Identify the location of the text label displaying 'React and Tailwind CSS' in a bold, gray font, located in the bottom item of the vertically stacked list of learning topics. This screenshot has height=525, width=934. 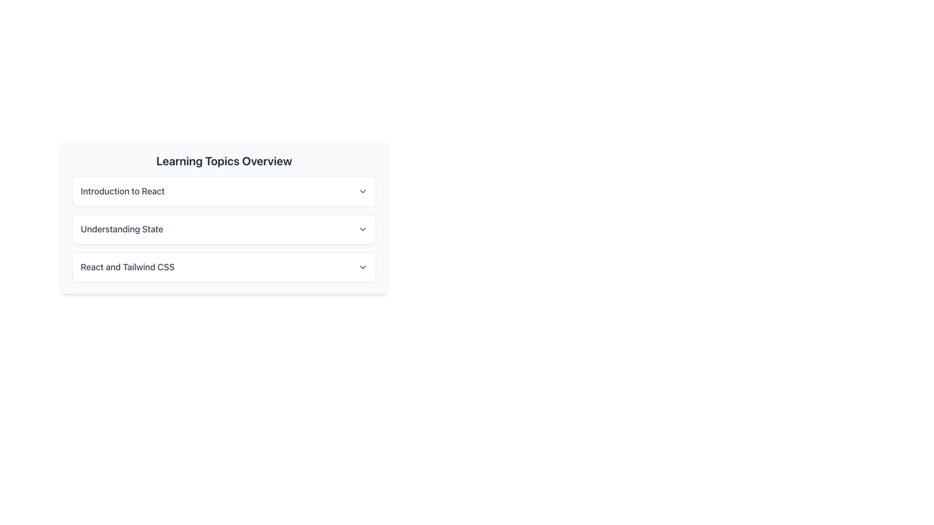
(127, 267).